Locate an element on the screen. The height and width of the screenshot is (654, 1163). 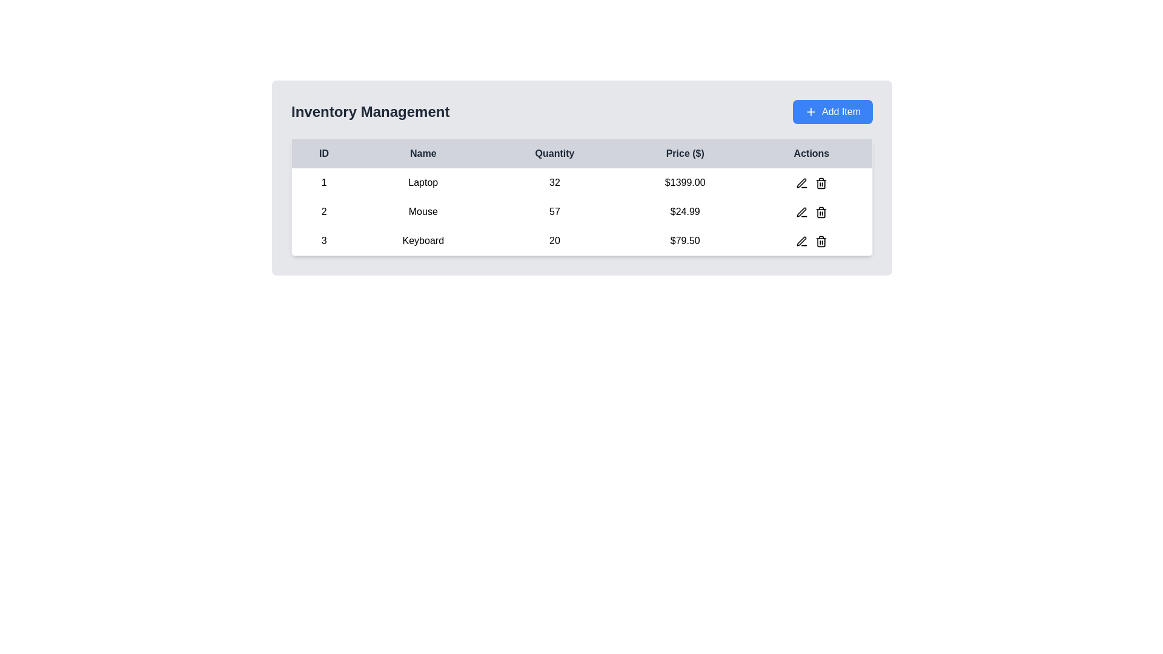
the small pen icon in the 'Actions' column of the second row is located at coordinates (801, 211).